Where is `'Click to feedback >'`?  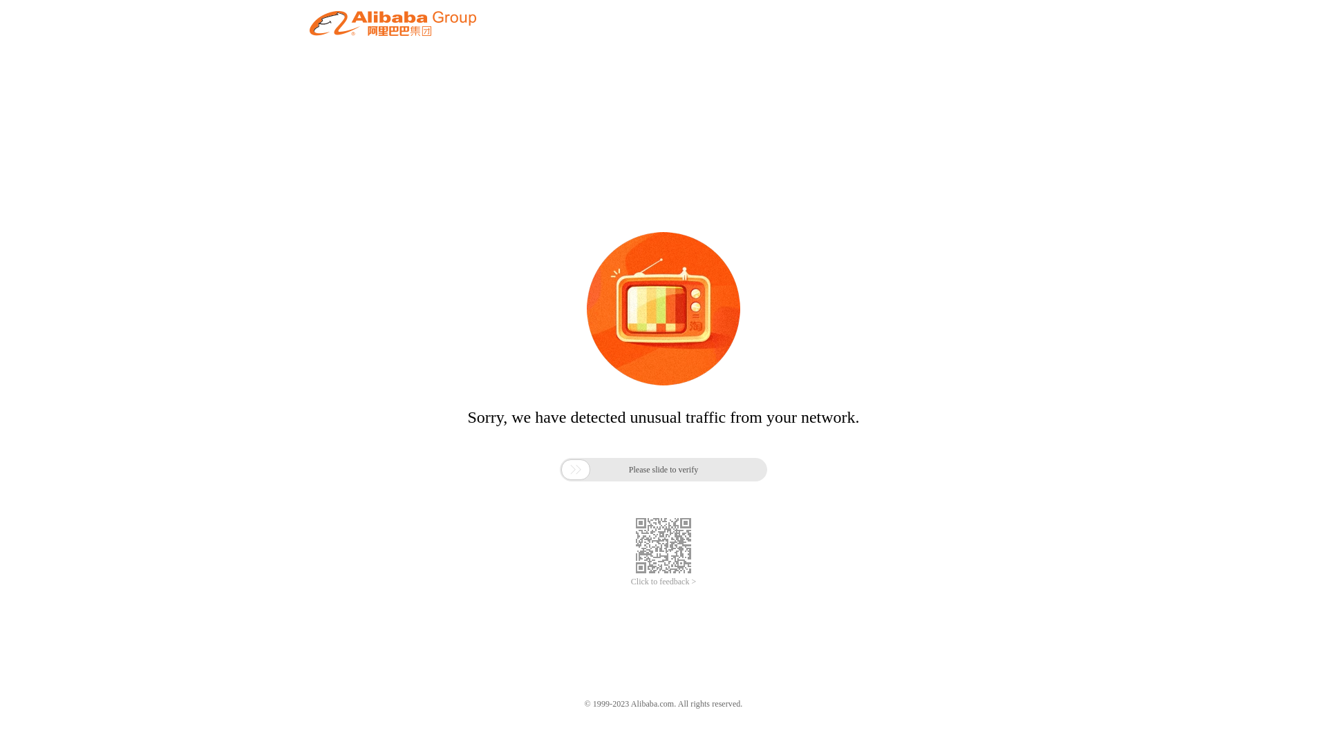 'Click to feedback >' is located at coordinates (663, 582).